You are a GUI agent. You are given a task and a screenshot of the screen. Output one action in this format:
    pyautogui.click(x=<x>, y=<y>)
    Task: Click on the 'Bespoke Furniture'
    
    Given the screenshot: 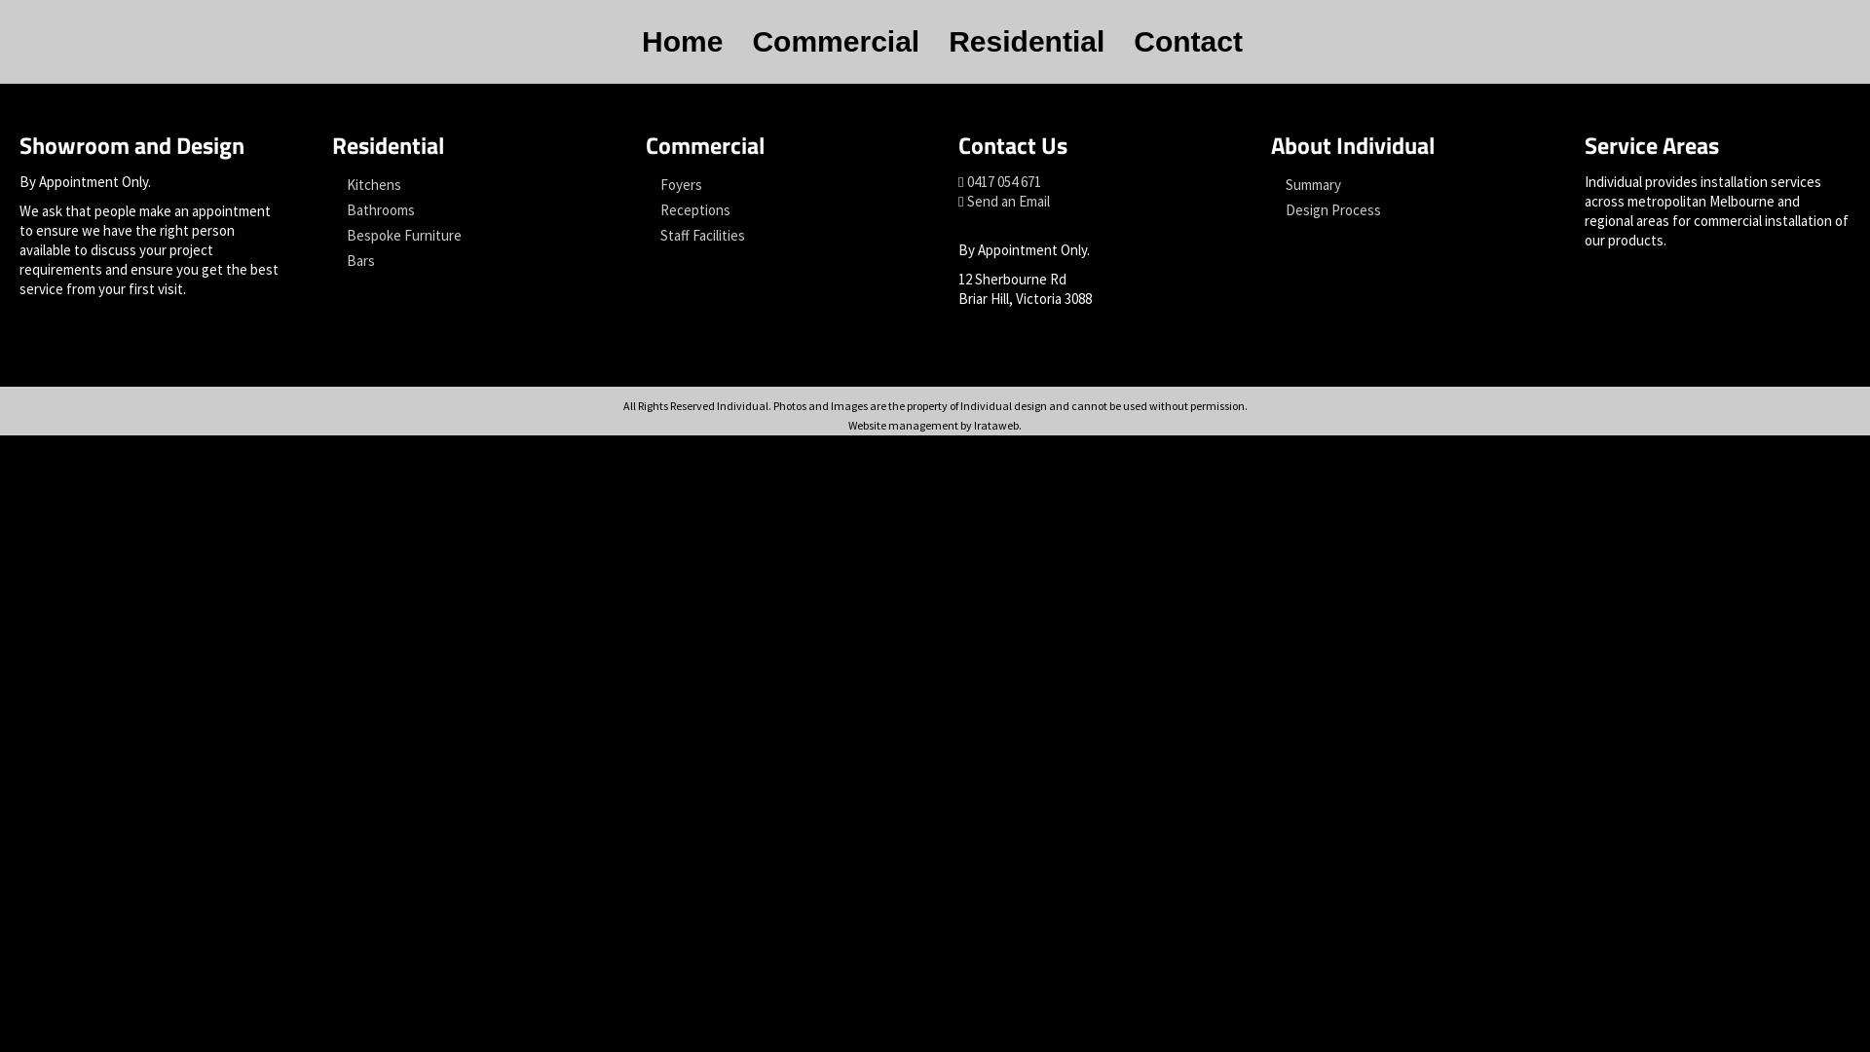 What is the action you would take?
    pyautogui.click(x=464, y=235)
    